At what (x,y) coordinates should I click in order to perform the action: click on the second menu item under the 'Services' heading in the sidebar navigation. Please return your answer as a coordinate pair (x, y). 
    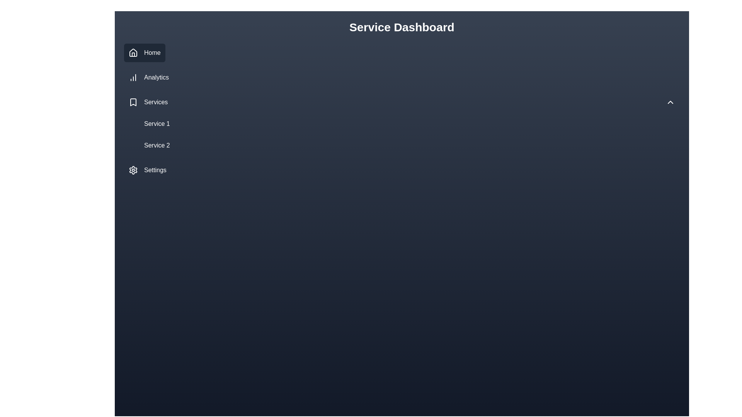
    Looking at the image, I should click on (157, 146).